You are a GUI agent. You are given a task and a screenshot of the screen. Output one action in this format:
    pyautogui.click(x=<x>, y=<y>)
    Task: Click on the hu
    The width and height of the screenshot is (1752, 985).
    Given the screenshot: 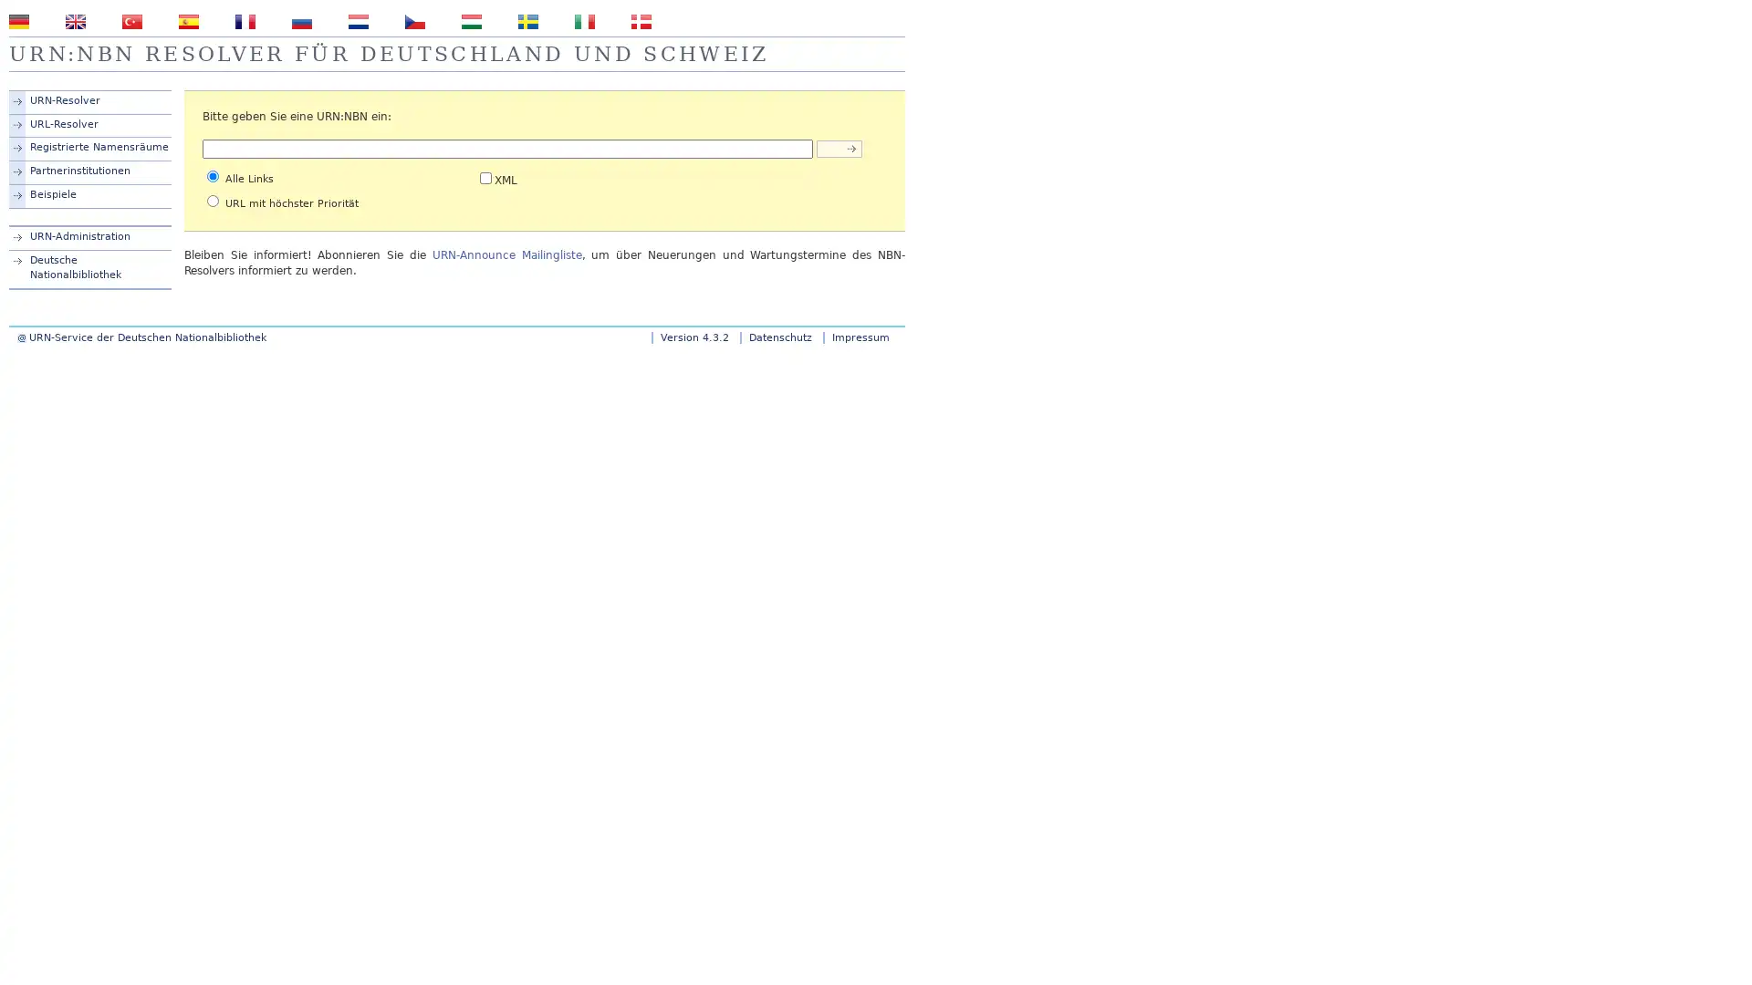 What is the action you would take?
    pyautogui.click(x=472, y=21)
    